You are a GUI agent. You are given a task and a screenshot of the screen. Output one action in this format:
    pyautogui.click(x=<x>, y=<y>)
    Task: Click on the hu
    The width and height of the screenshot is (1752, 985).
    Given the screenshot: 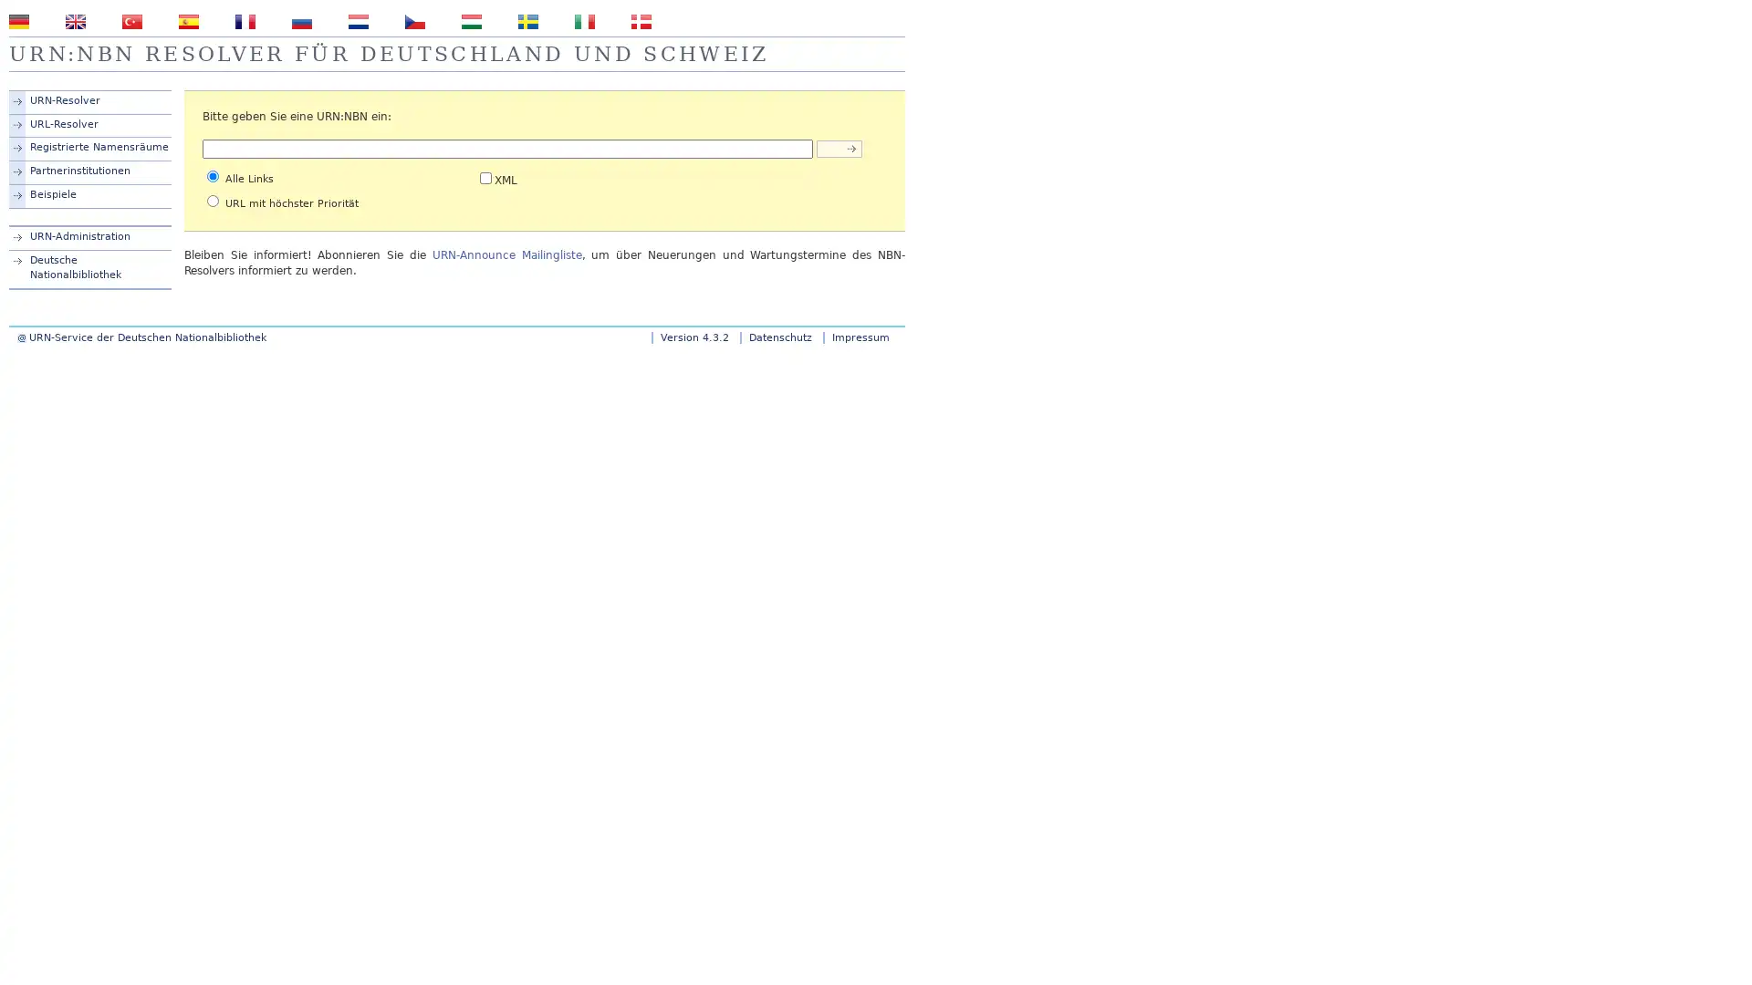 What is the action you would take?
    pyautogui.click(x=472, y=21)
    